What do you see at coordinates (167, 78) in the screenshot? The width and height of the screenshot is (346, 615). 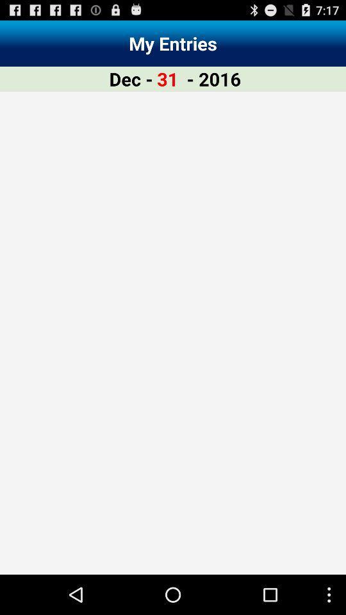 I see `the item to the left of the - 2016 app` at bounding box center [167, 78].